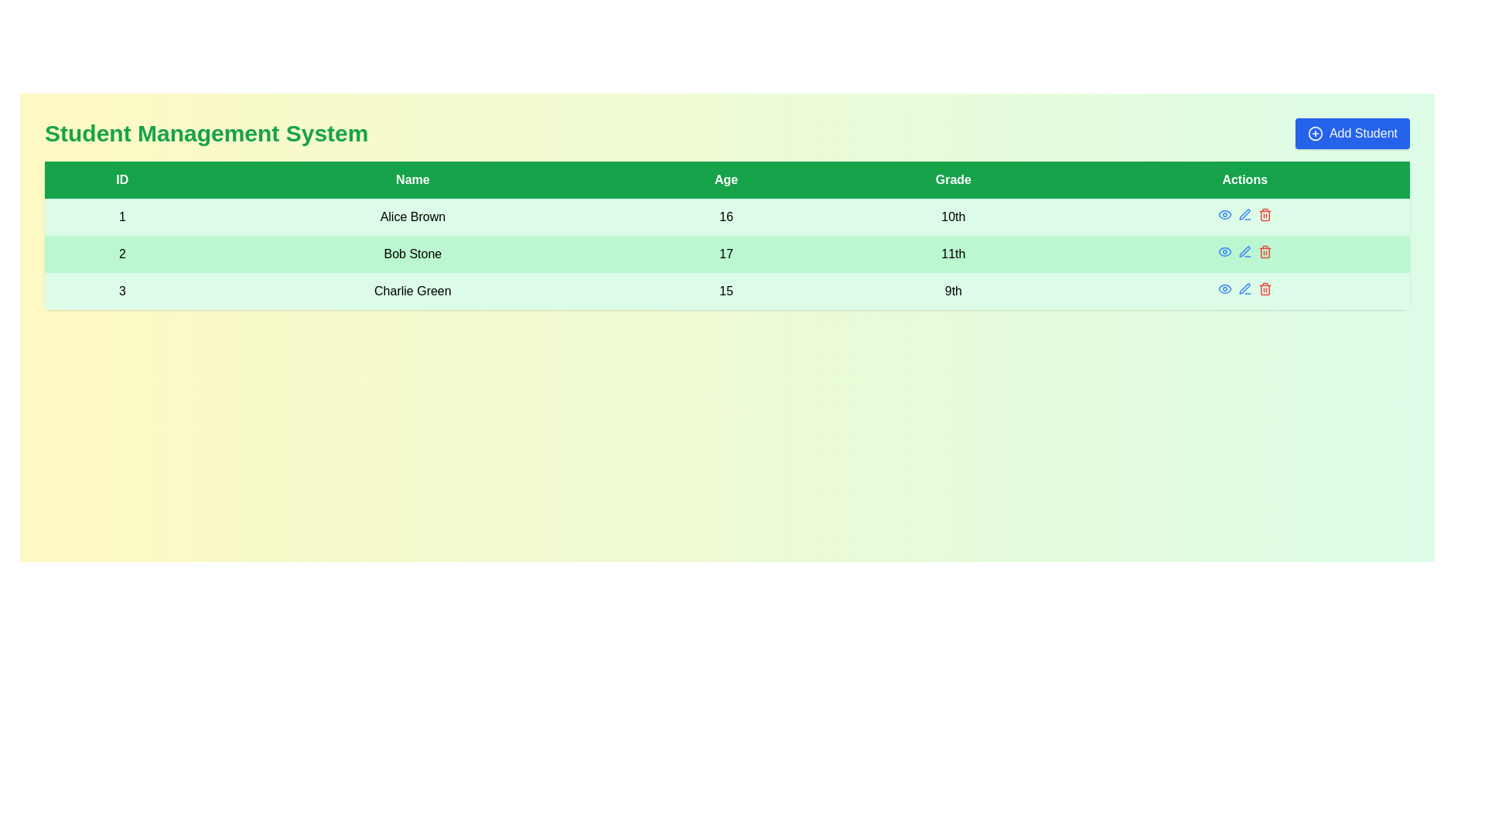 Image resolution: width=1485 pixels, height=835 pixels. I want to click on the icon located in the upper-right corner of the 'Add Student' button, so click(1314, 133).